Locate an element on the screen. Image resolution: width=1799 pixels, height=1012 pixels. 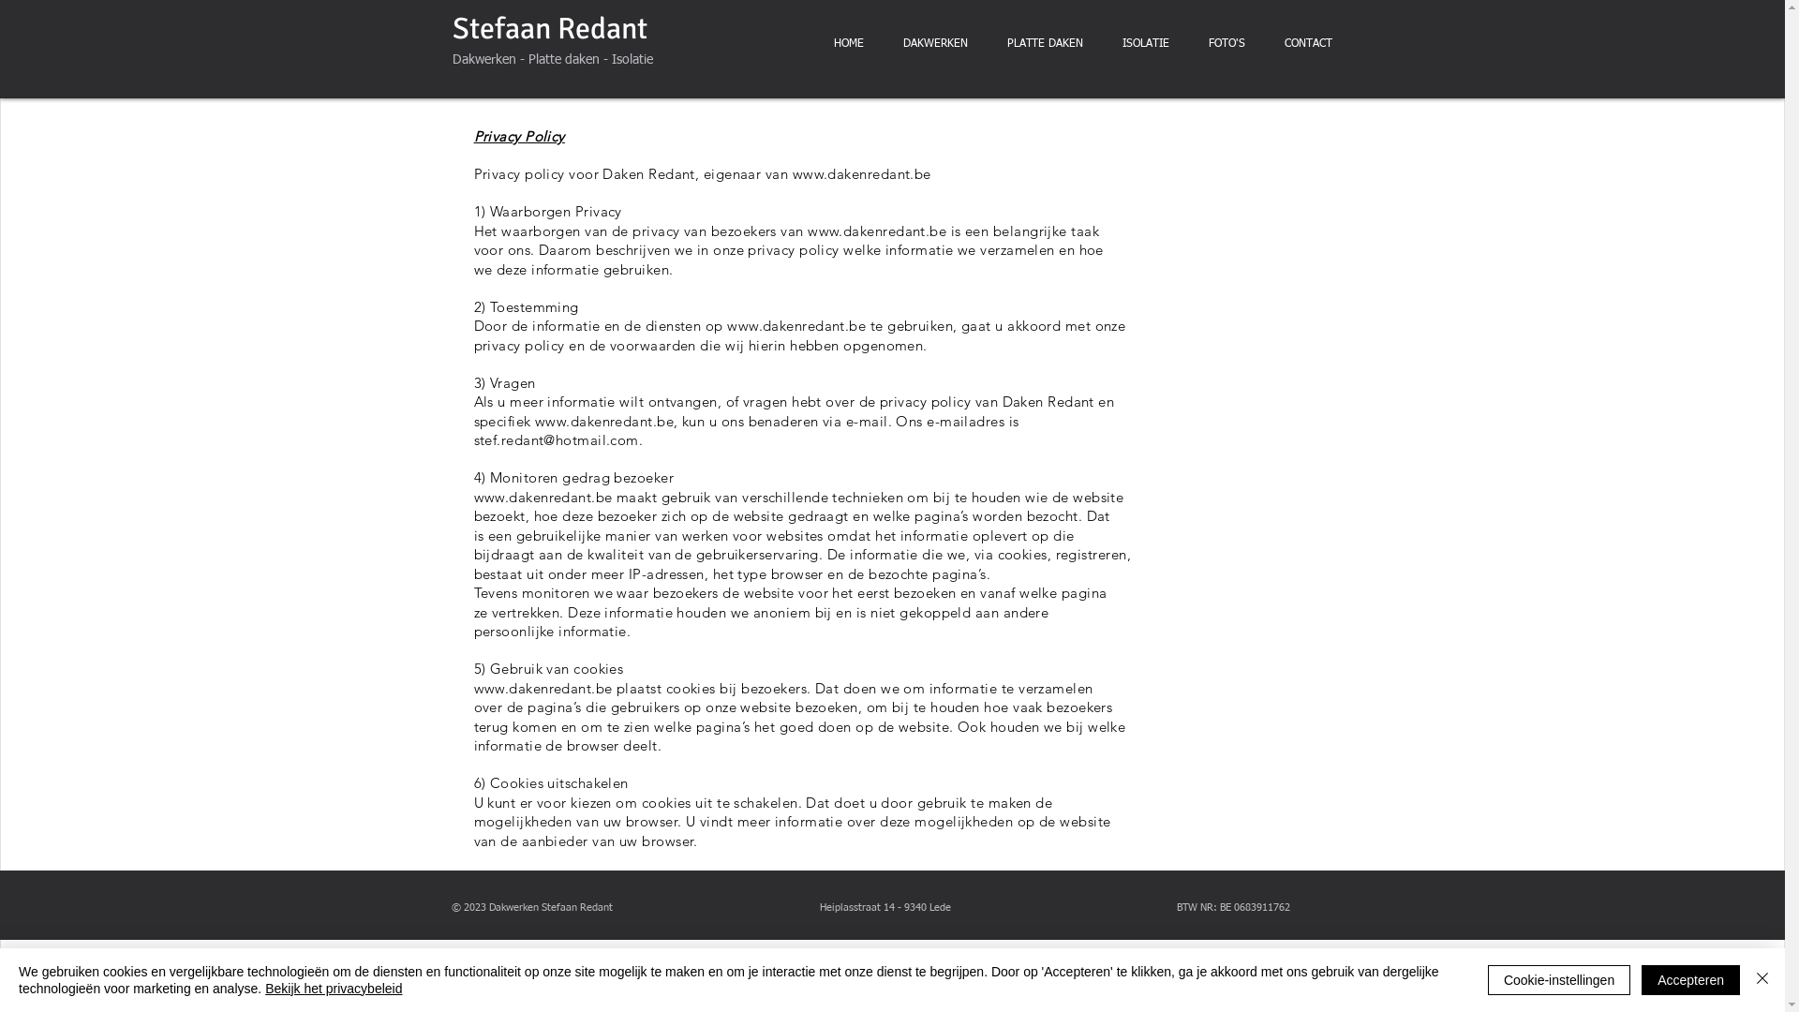
'CONTACT' is located at coordinates (1307, 43).